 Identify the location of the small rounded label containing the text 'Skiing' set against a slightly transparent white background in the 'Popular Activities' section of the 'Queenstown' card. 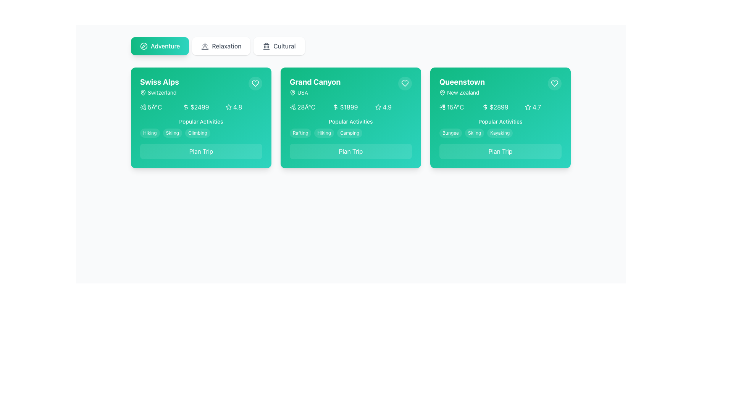
(474, 132).